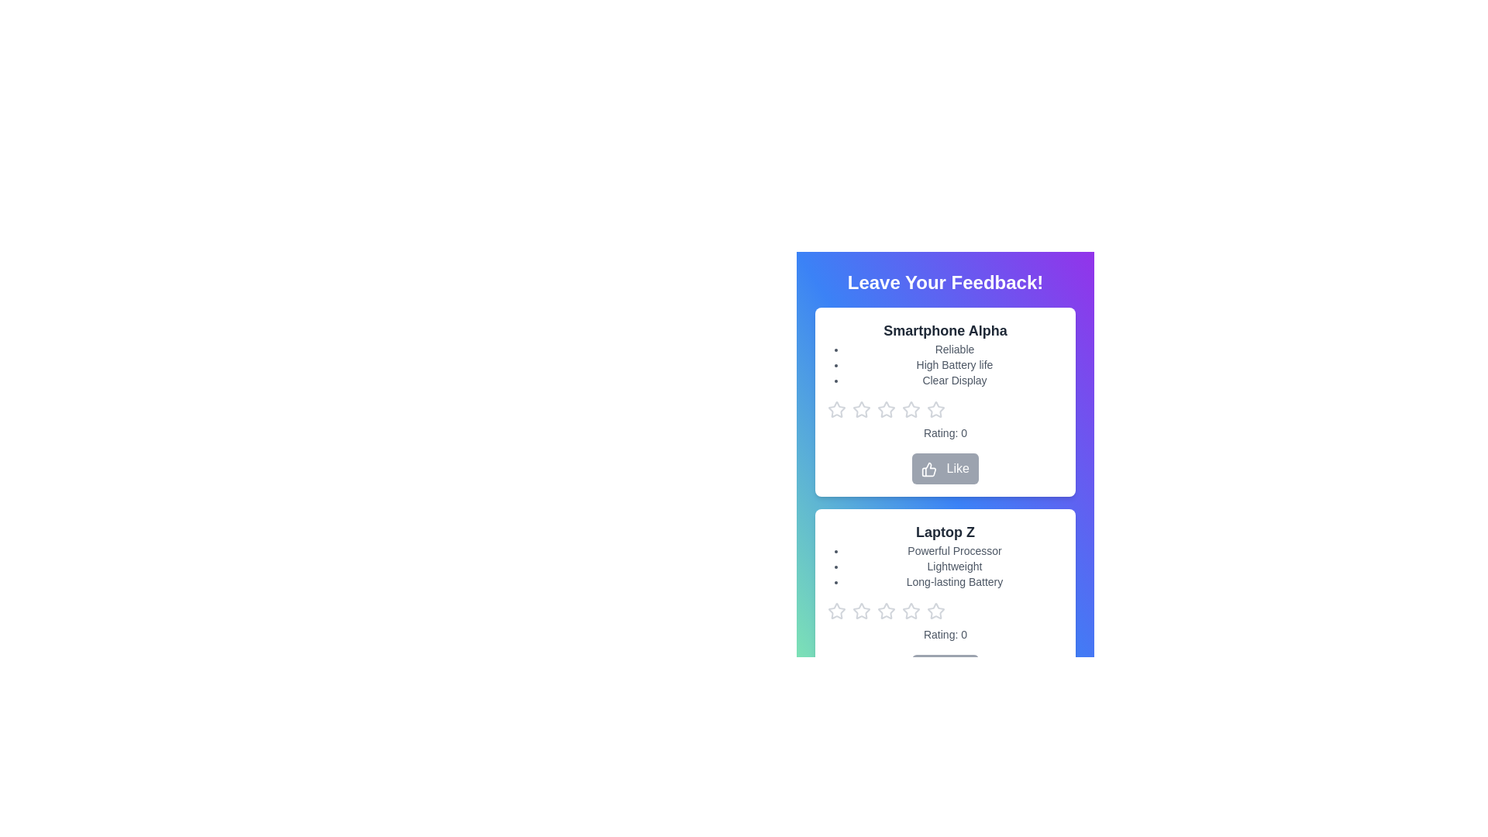 This screenshot has height=837, width=1488. What do you see at coordinates (935, 610) in the screenshot?
I see `the fourth star icon in the rating system for 'Laptop Z'` at bounding box center [935, 610].